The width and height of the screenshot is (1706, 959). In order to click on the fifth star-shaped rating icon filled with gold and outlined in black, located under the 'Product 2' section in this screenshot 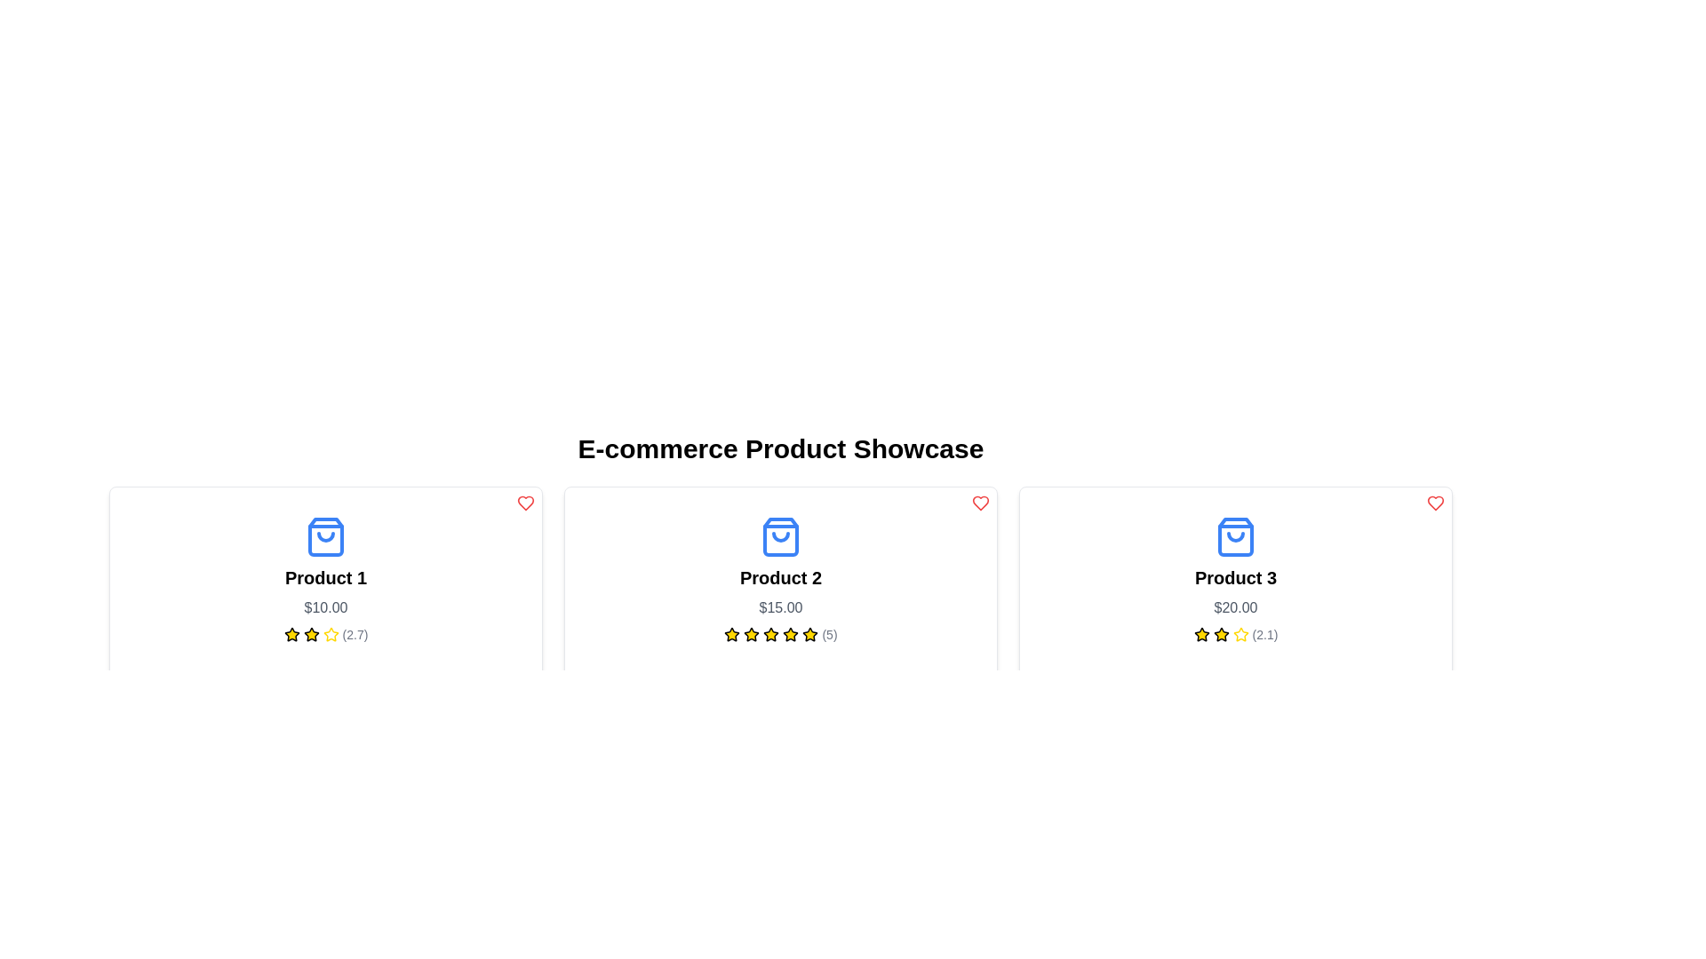, I will do `click(771, 633)`.